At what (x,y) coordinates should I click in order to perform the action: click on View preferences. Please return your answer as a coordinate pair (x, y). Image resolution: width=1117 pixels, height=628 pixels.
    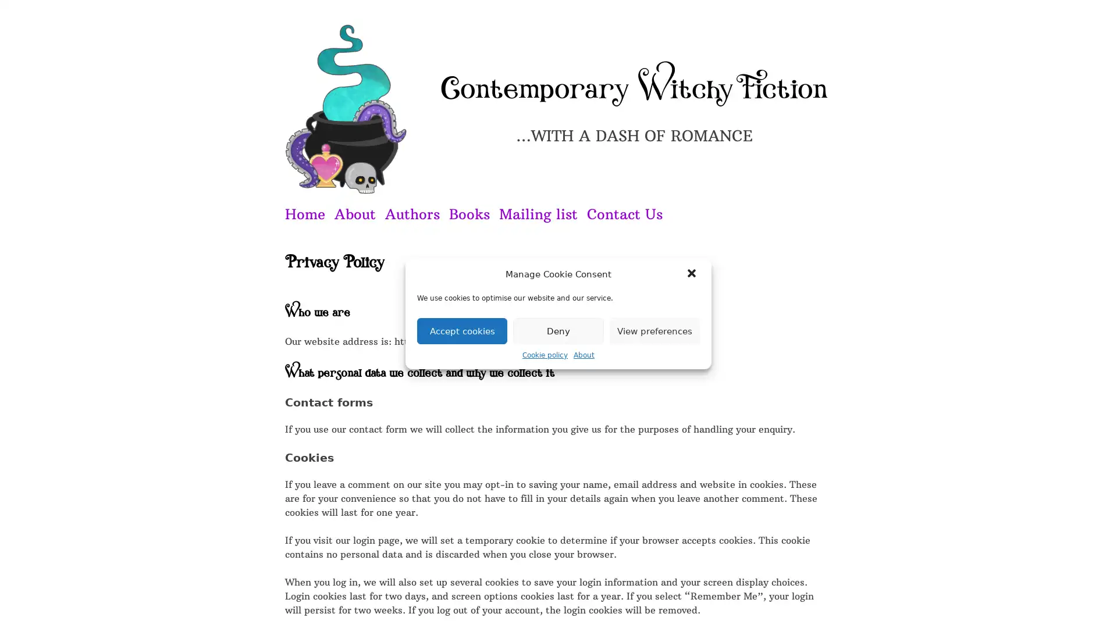
    Looking at the image, I should click on (654, 331).